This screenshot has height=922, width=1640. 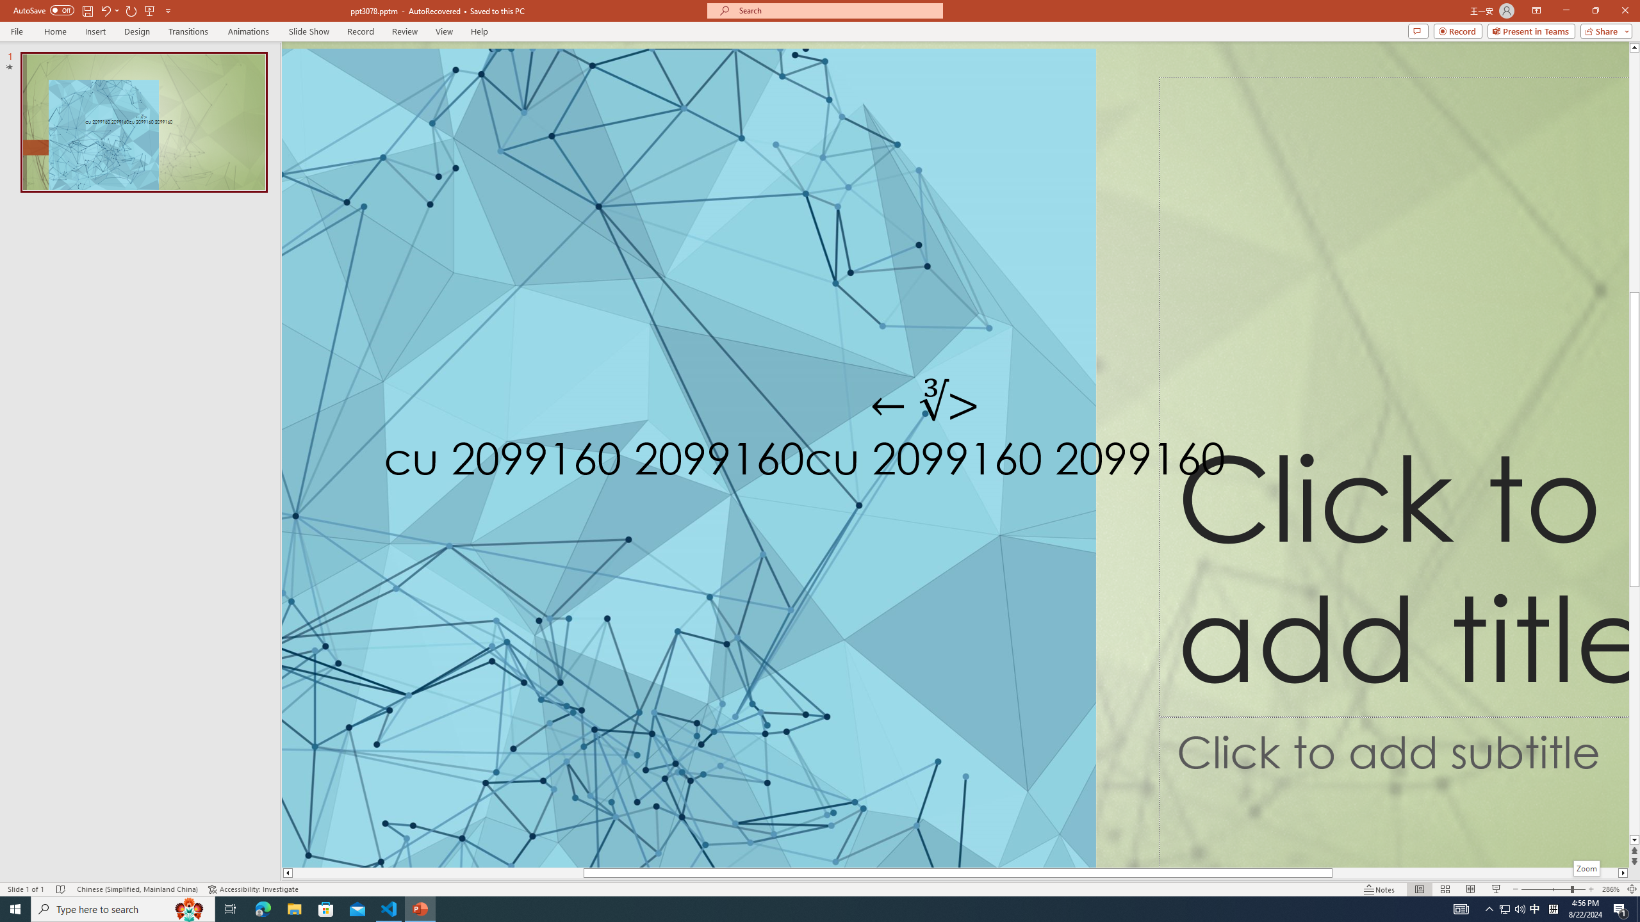 What do you see at coordinates (1611, 889) in the screenshot?
I see `'Zoom 286%'` at bounding box center [1611, 889].